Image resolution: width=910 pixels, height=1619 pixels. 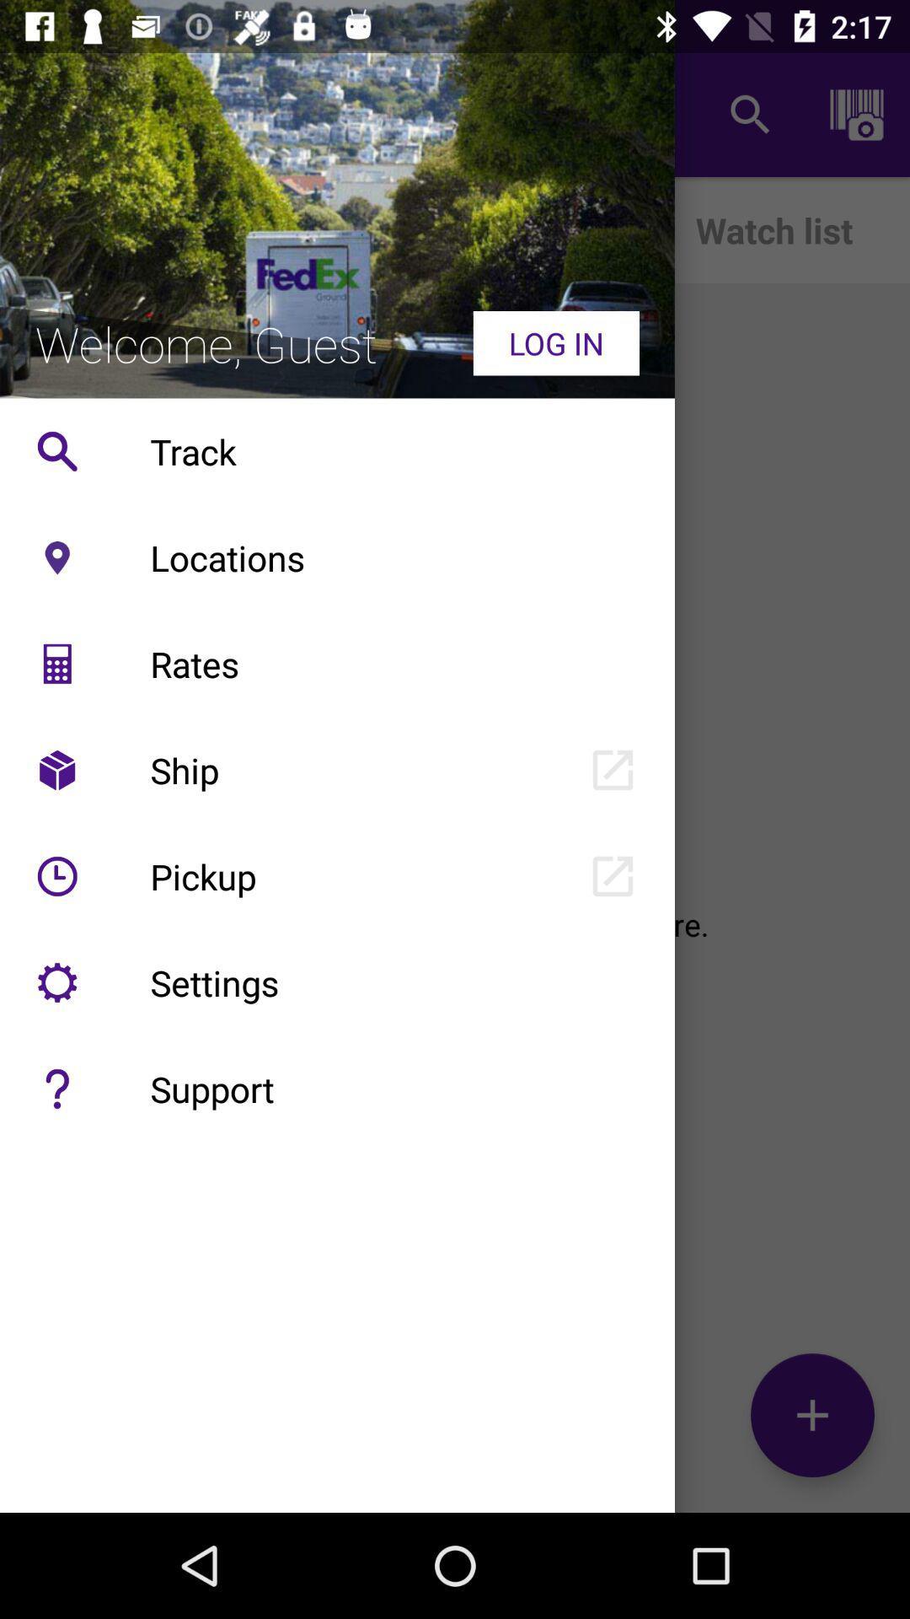 I want to click on icon on the left side of rates, so click(x=56, y=663).